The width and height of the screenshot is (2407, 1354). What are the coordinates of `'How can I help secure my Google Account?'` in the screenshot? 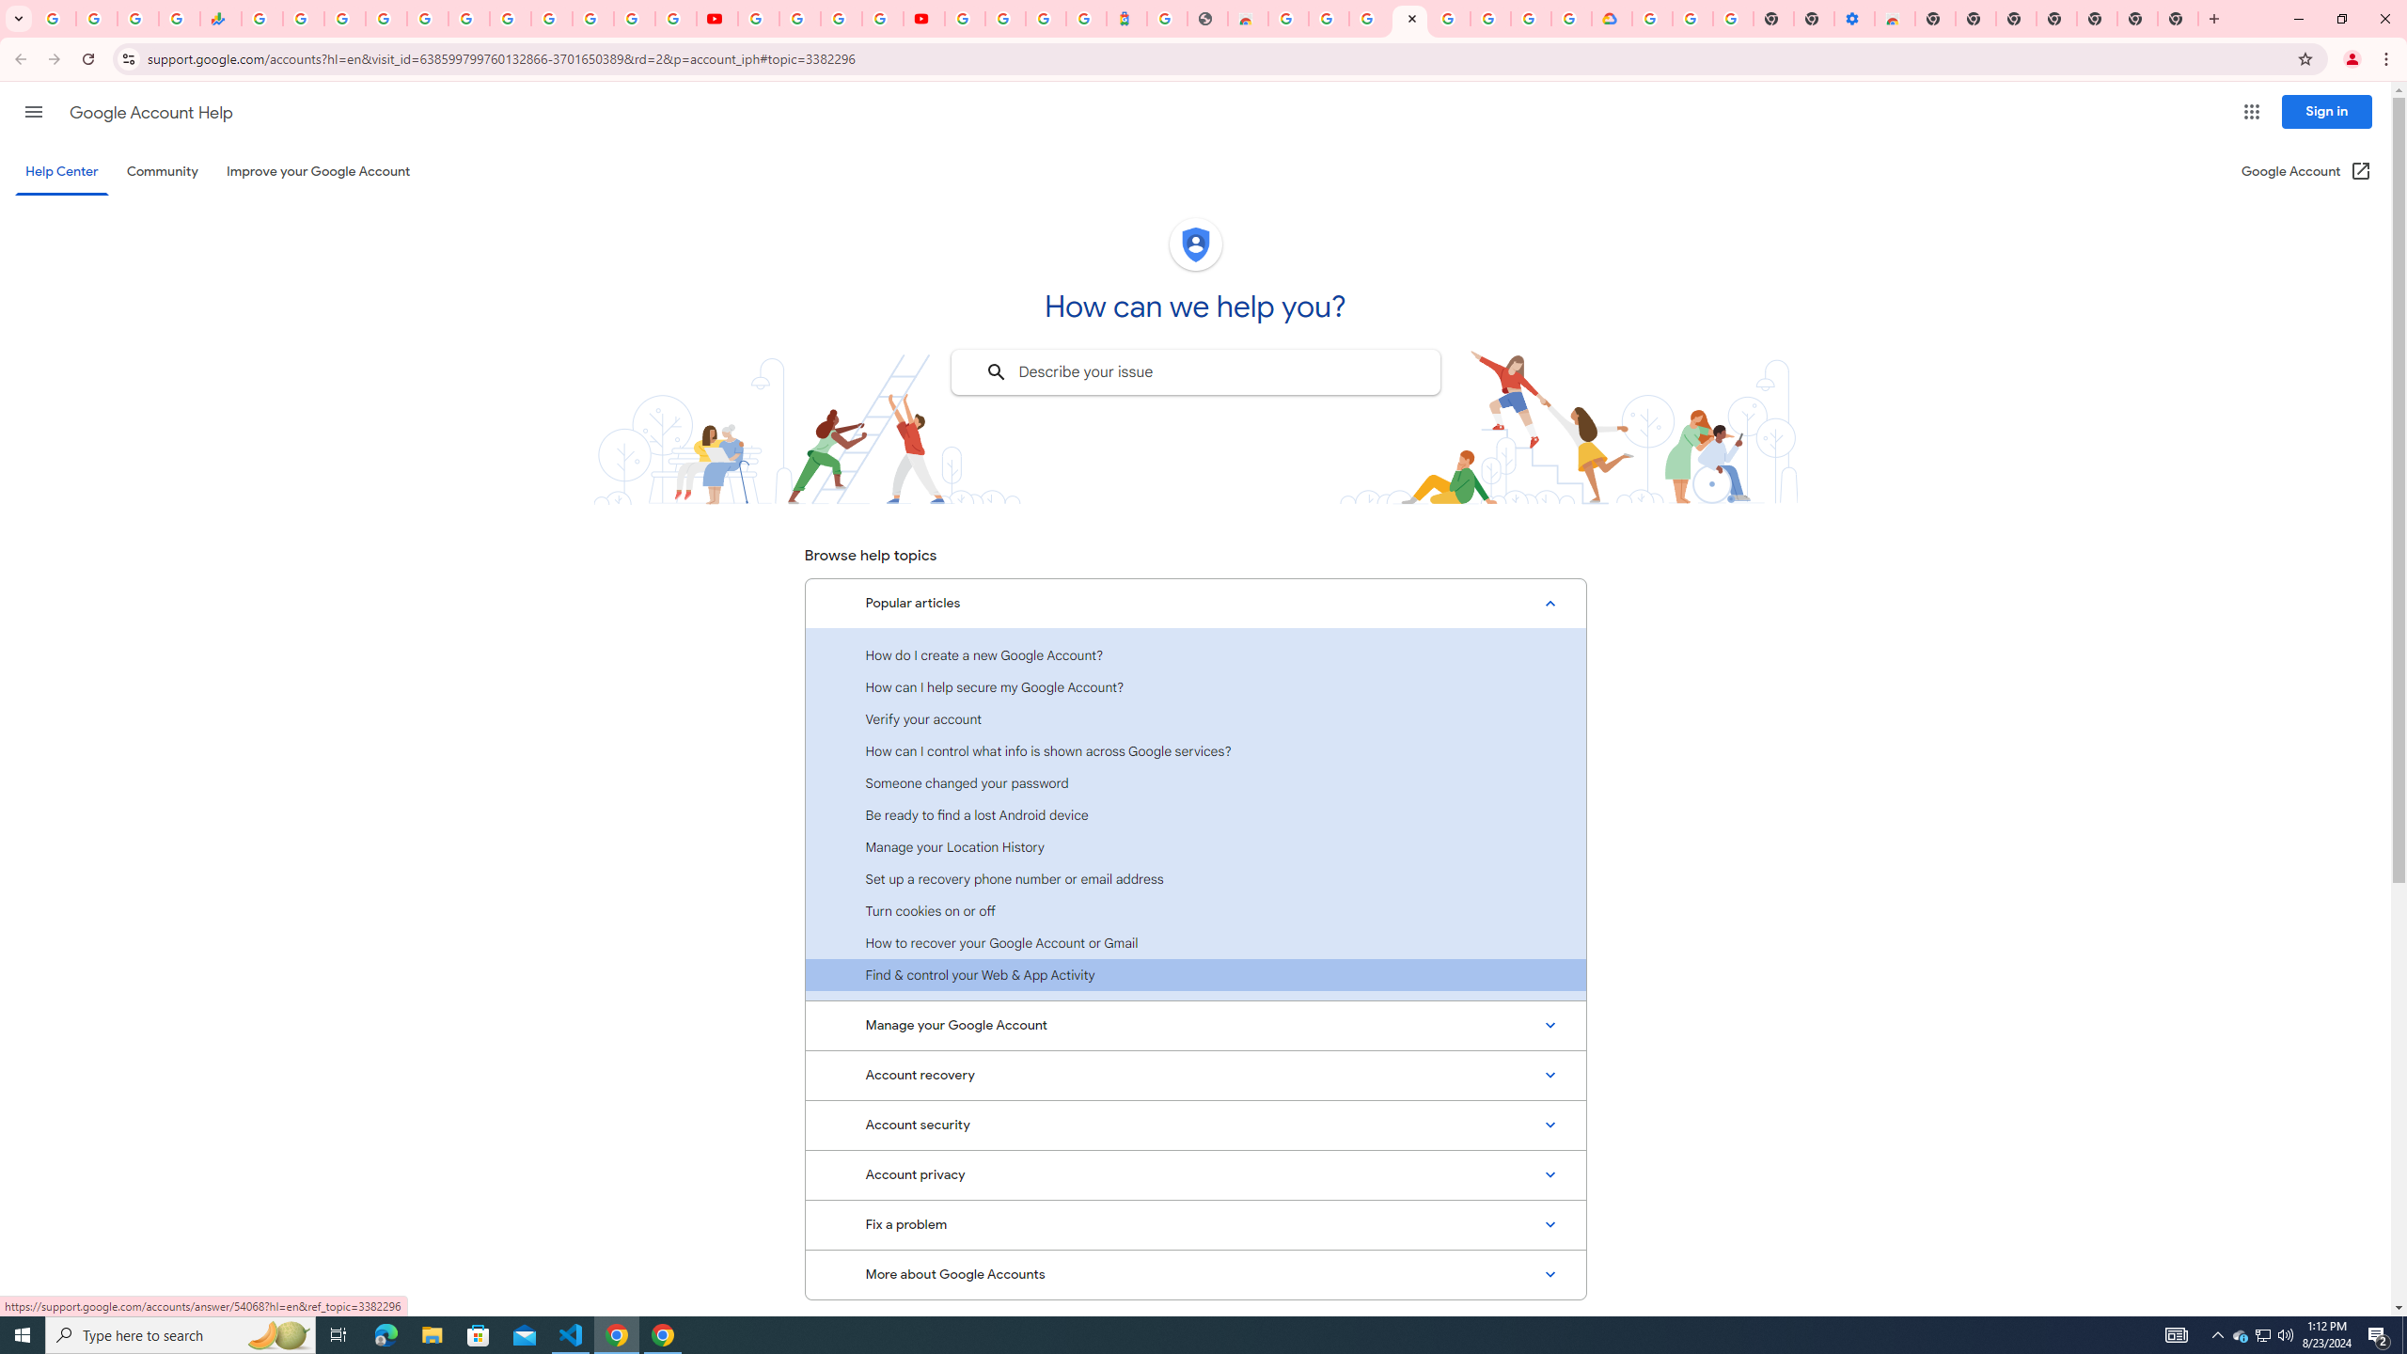 It's located at (1195, 685).